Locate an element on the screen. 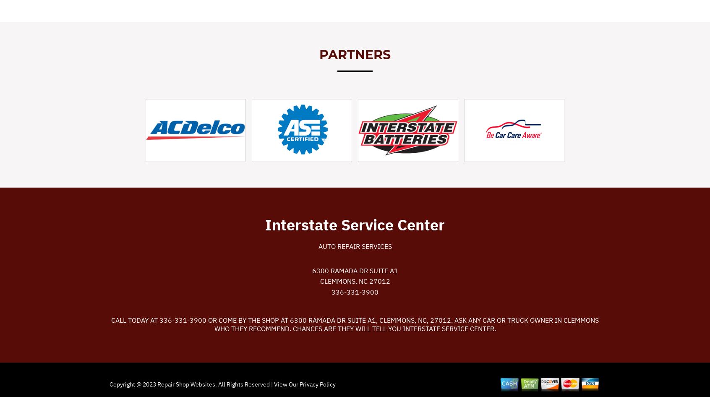 The height and width of the screenshot is (397, 710). '2023' is located at coordinates (149, 383).